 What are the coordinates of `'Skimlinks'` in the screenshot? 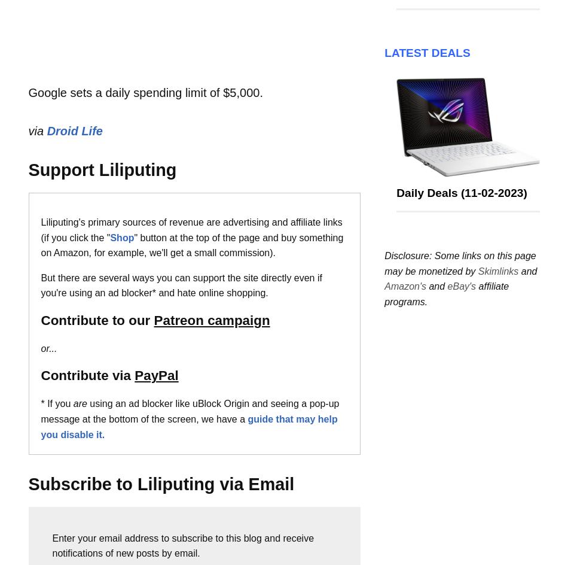 It's located at (497, 270).